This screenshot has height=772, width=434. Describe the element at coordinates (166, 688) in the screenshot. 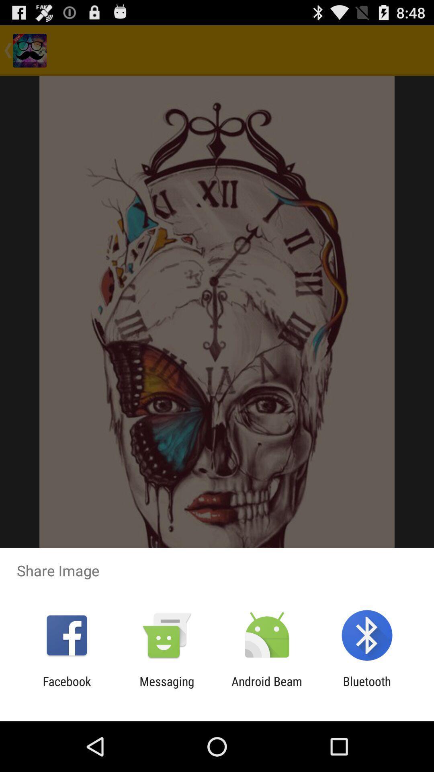

I see `messaging item` at that location.